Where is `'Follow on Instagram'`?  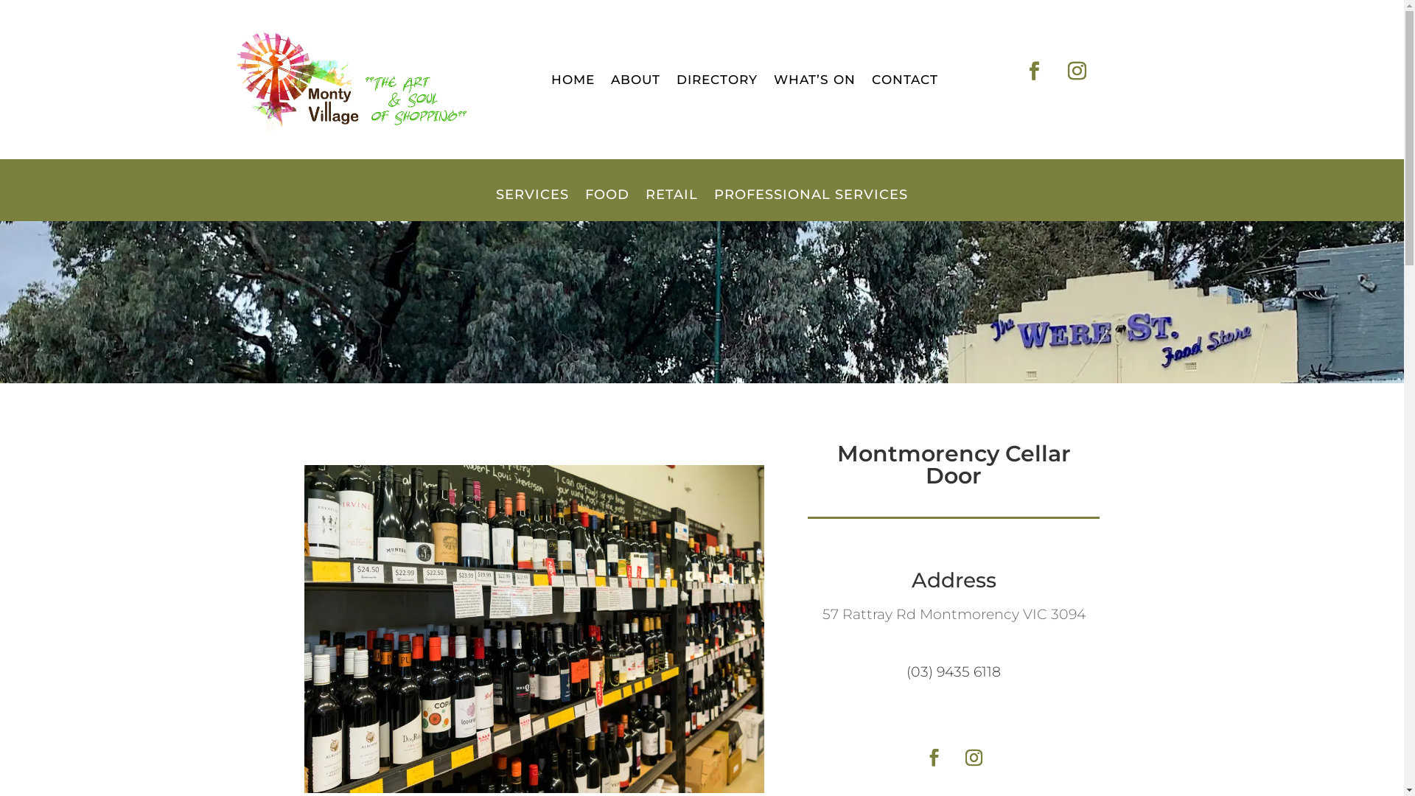 'Follow on Instagram' is located at coordinates (973, 758).